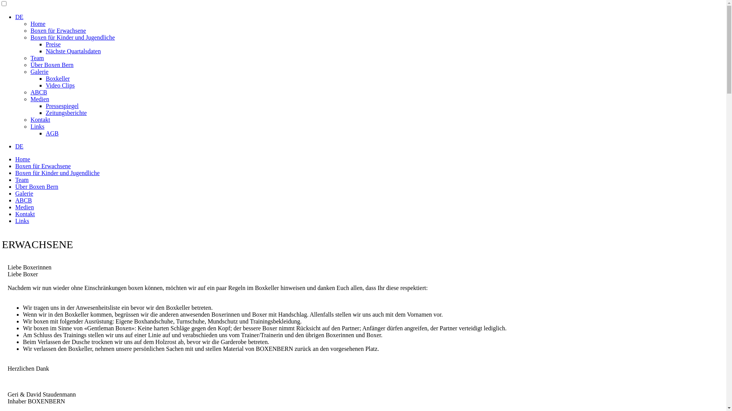  Describe the element at coordinates (45, 113) in the screenshot. I see `'Zeitungsberichte'` at that location.